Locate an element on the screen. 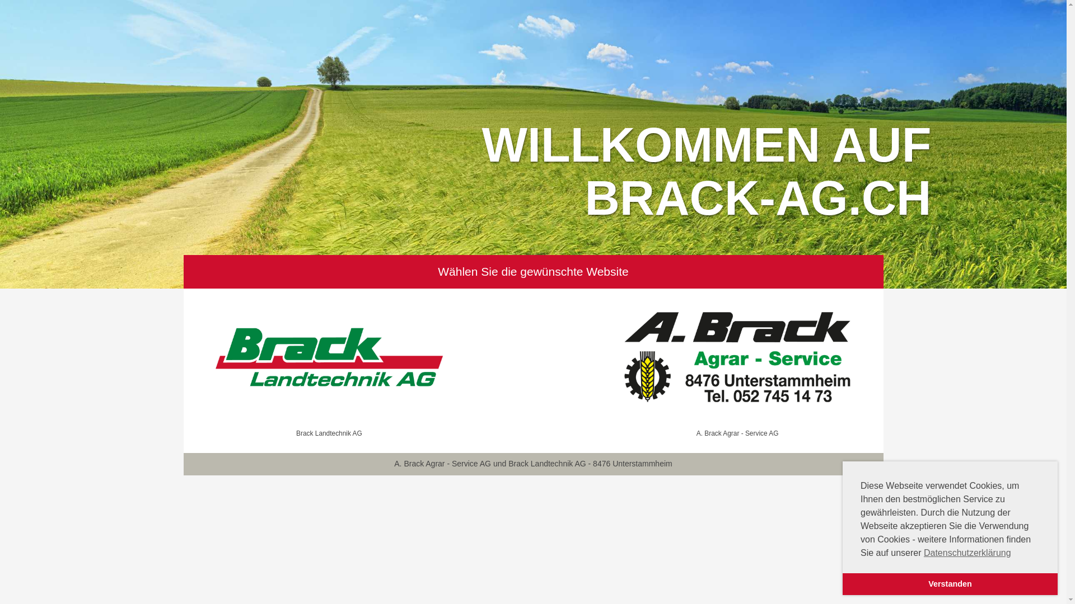  'A. Brack Agrar - Service AG' is located at coordinates (737, 365).